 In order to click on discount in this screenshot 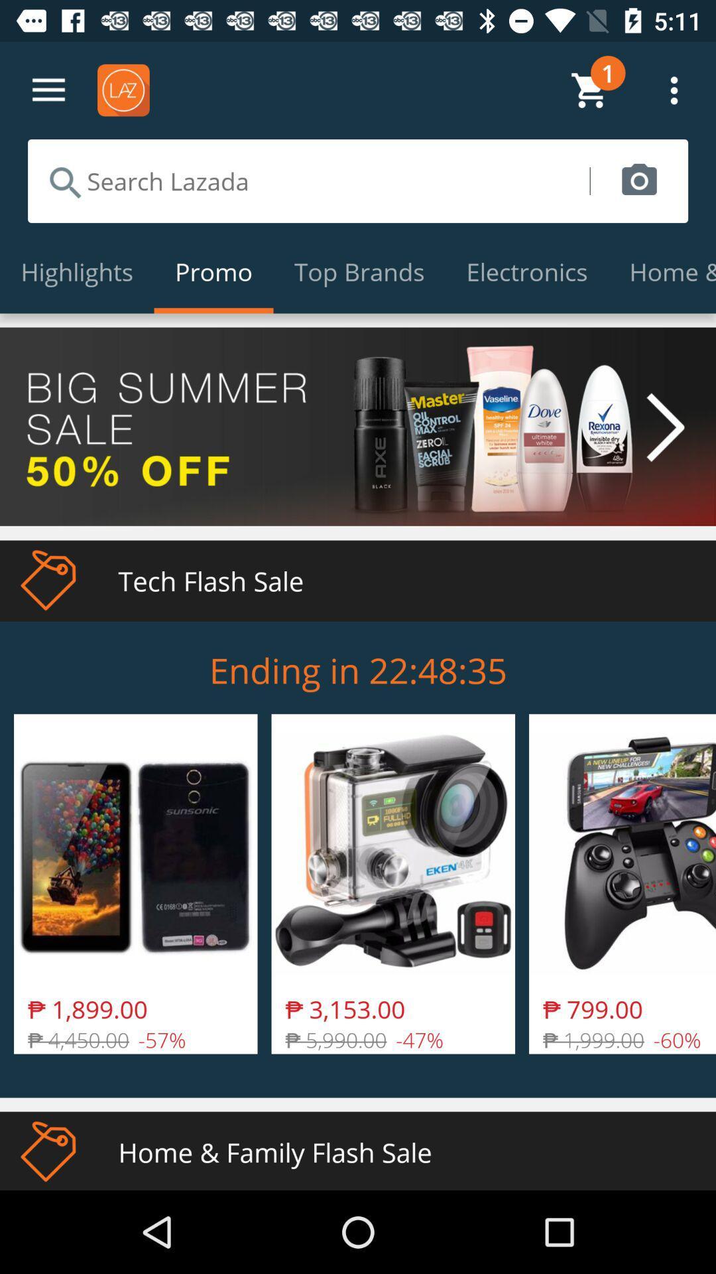, I will do `click(358, 427)`.